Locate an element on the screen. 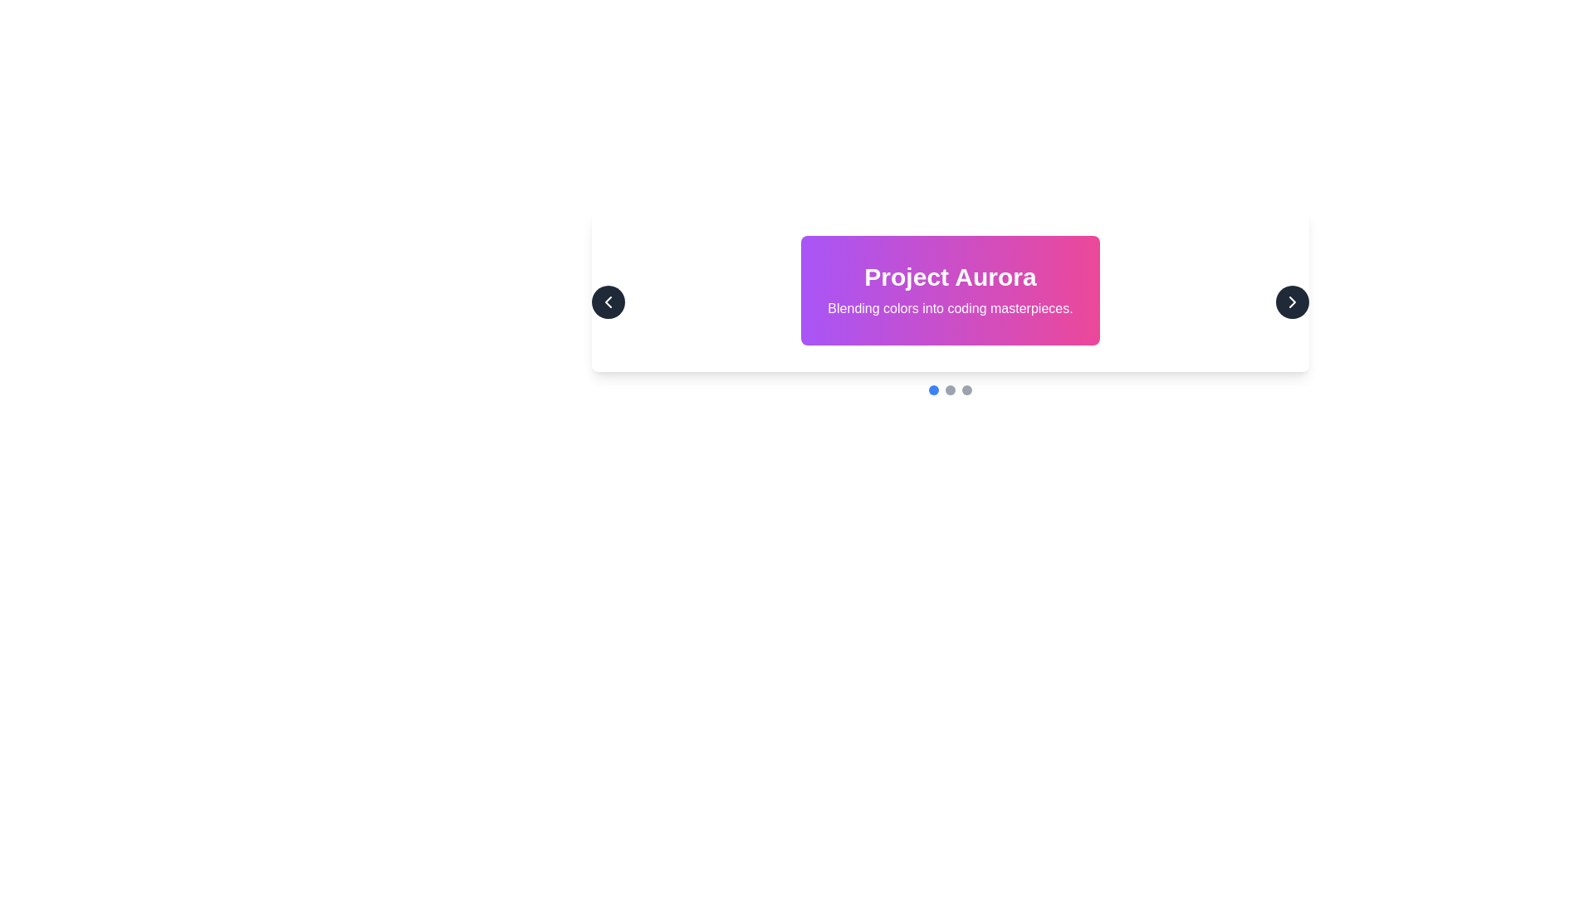 This screenshot has height=897, width=1594. the circular button containing the right-pointing arrow icon to activate its hover effects is located at coordinates (1291, 301).